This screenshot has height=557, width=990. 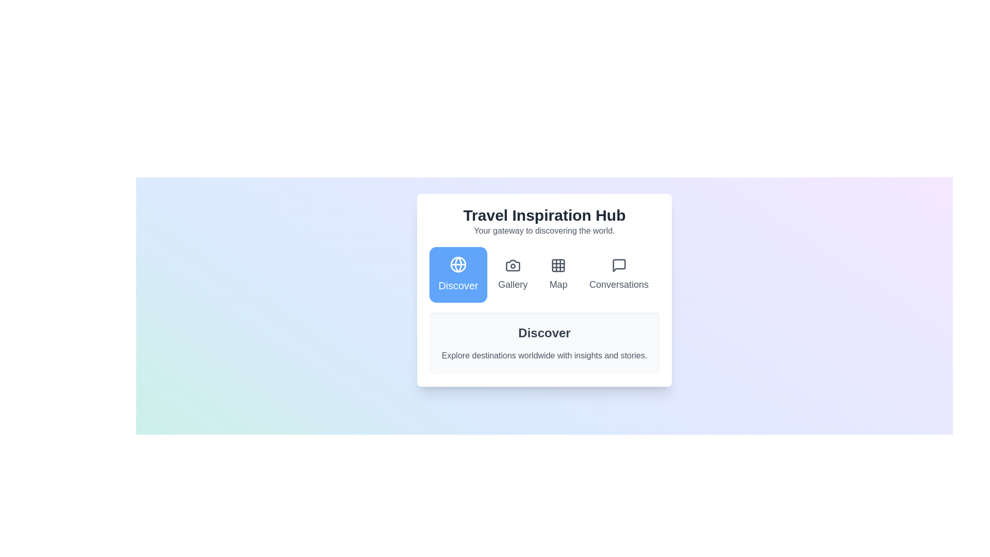 What do you see at coordinates (544, 343) in the screenshot?
I see `the Information Section that provides additional information about the 'Discover' feature, located below the navigation icons and centered within the 'Travel Inspiration Hub'` at bounding box center [544, 343].